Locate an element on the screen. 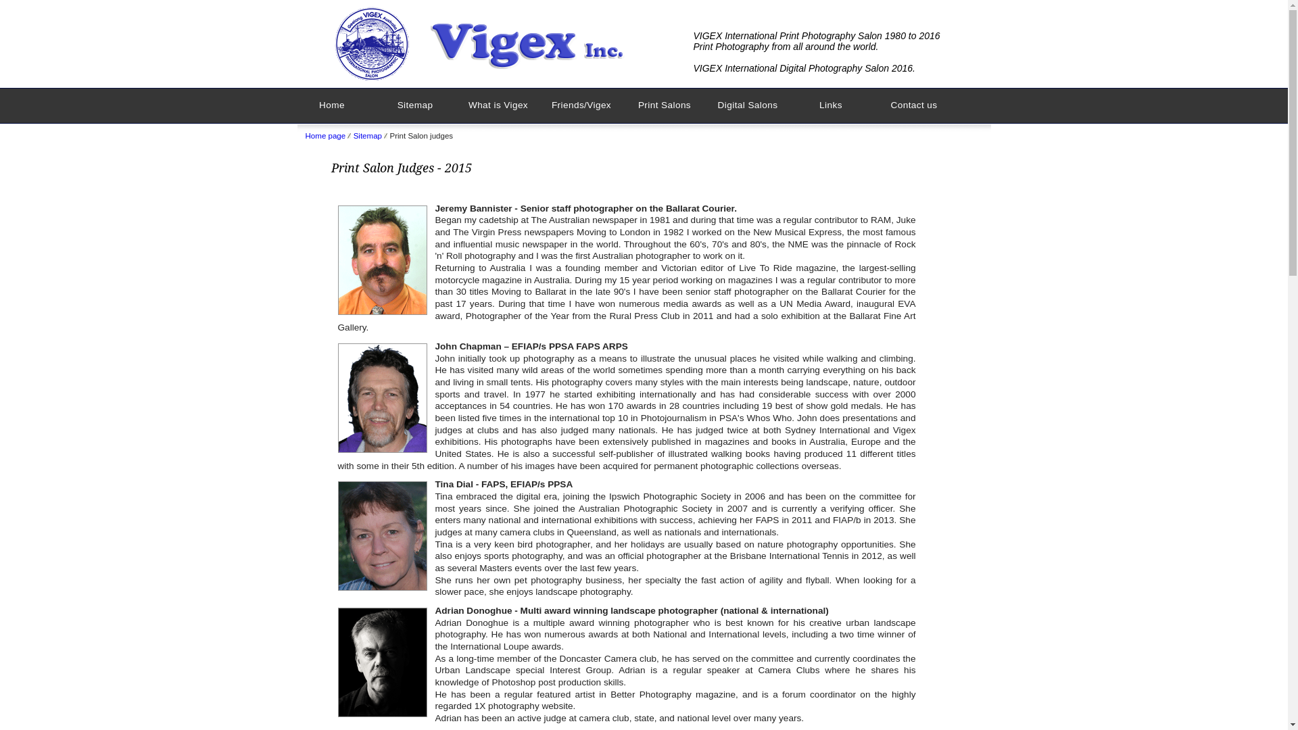  'Contact us' is located at coordinates (913, 105).